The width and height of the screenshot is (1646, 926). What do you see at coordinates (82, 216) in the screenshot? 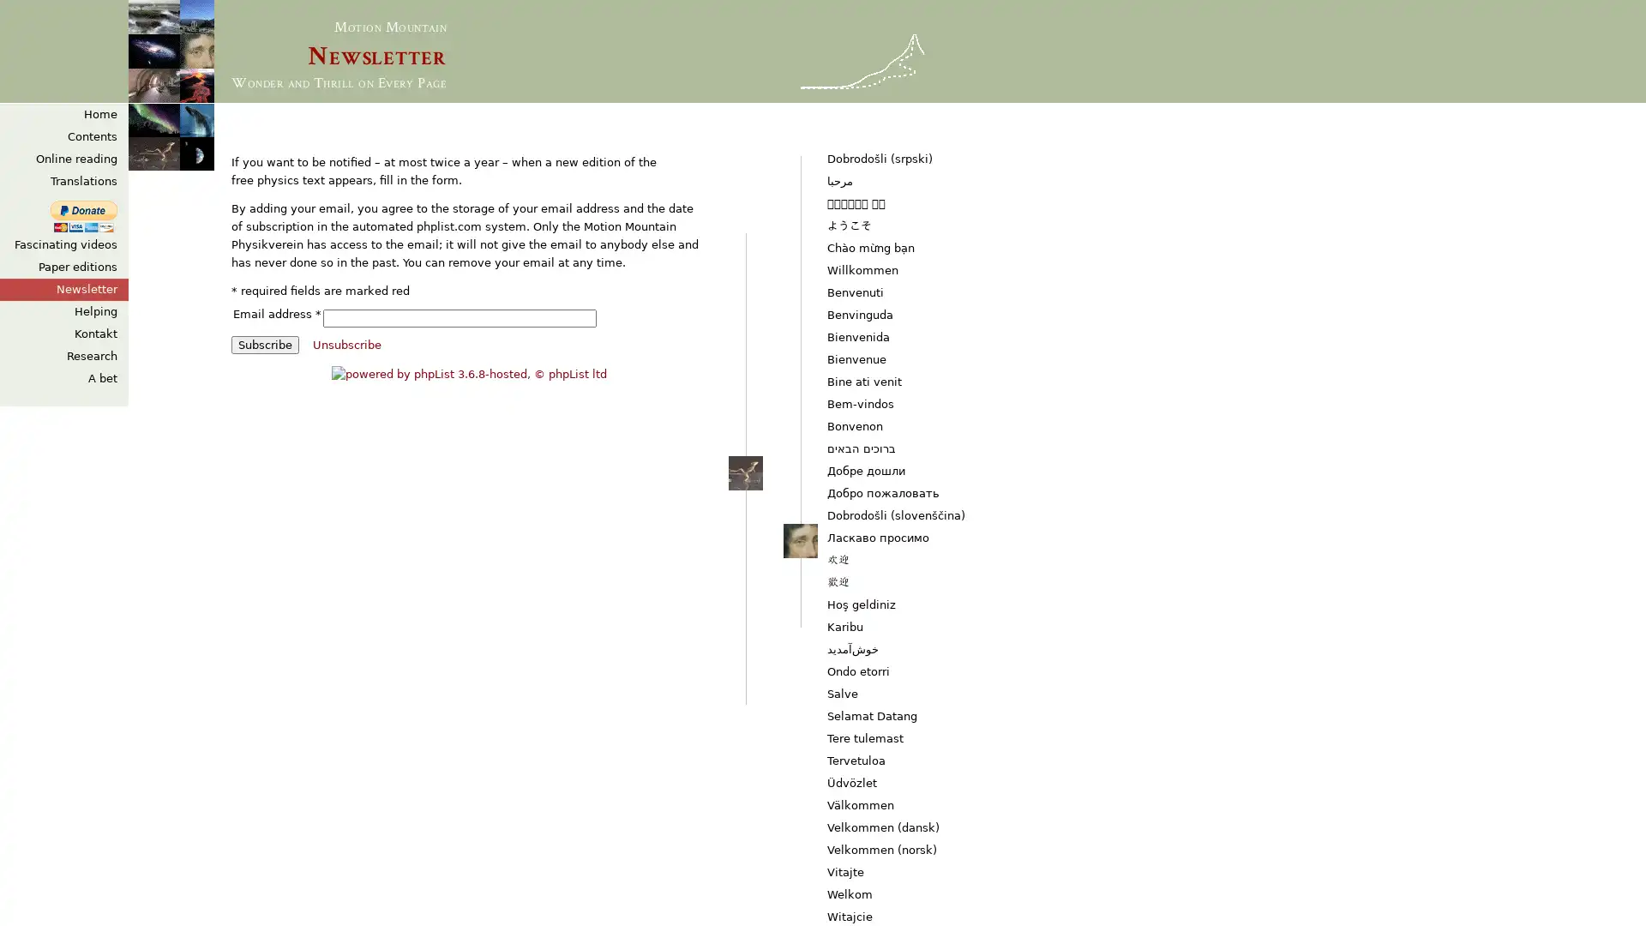
I see `| PayPal - The safer, easier way to pay online.|` at bounding box center [82, 216].